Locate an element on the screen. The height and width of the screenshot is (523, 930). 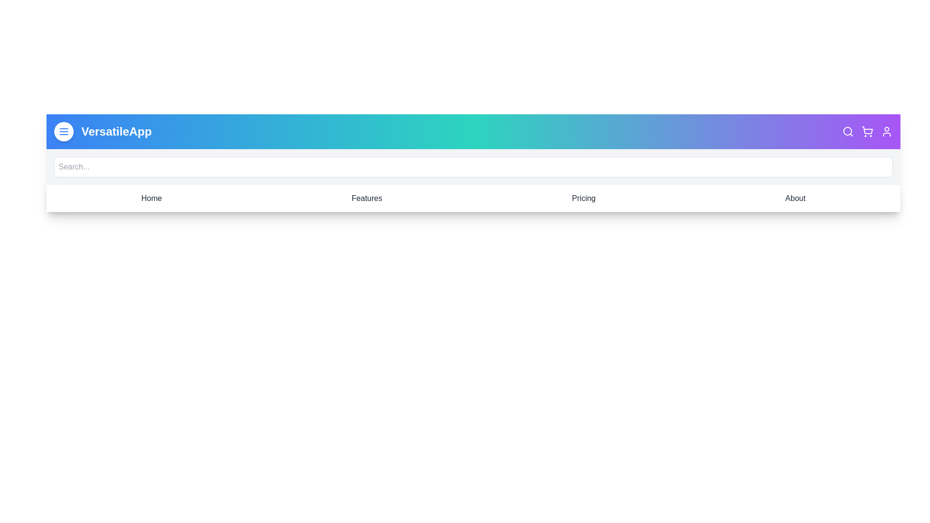
the navigation item Pricing is located at coordinates (583, 198).